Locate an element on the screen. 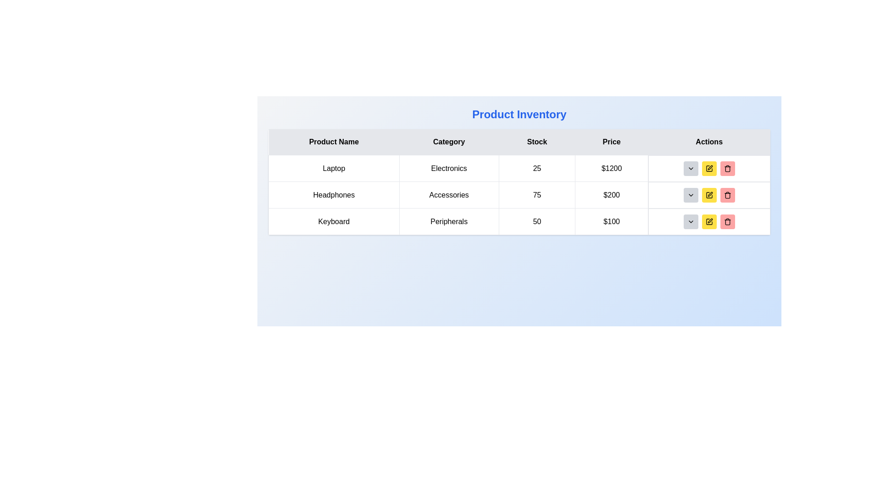  the downward-pointing chevron icon in the 'Actions' column of the third row in the table is located at coordinates (691, 221).